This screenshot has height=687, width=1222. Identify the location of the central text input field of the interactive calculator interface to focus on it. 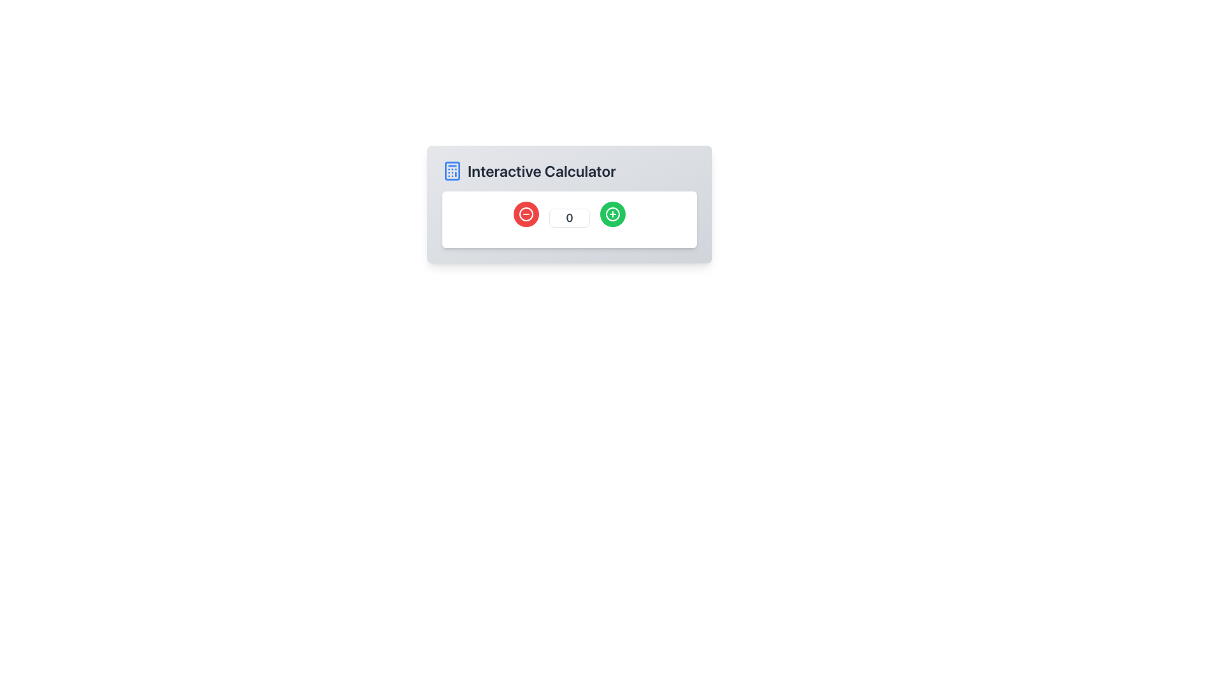
(568, 214).